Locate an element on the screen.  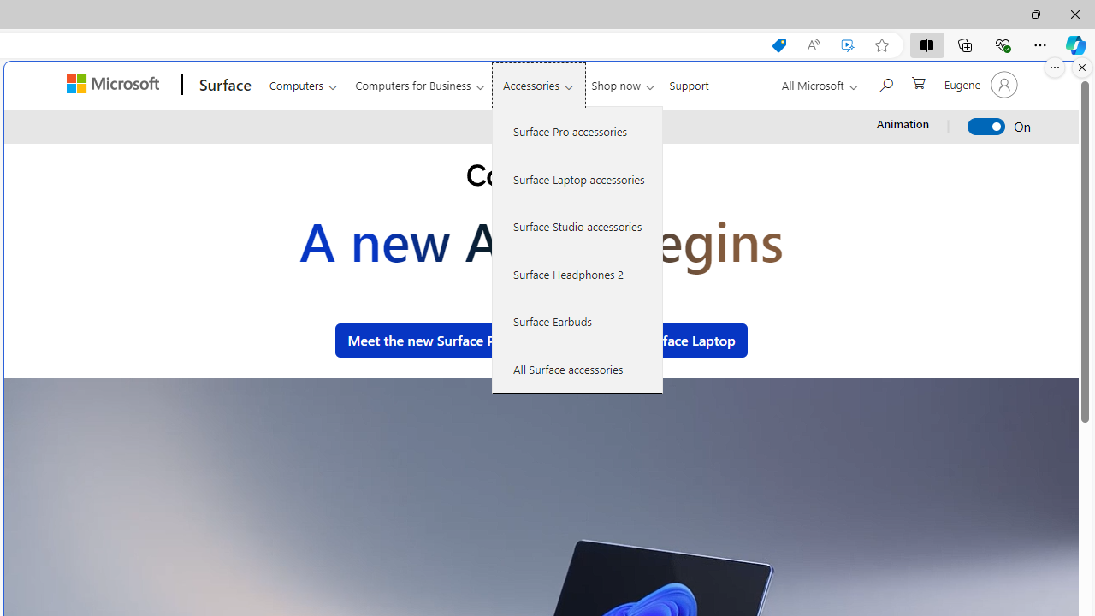
'Surface' is located at coordinates (222, 85).